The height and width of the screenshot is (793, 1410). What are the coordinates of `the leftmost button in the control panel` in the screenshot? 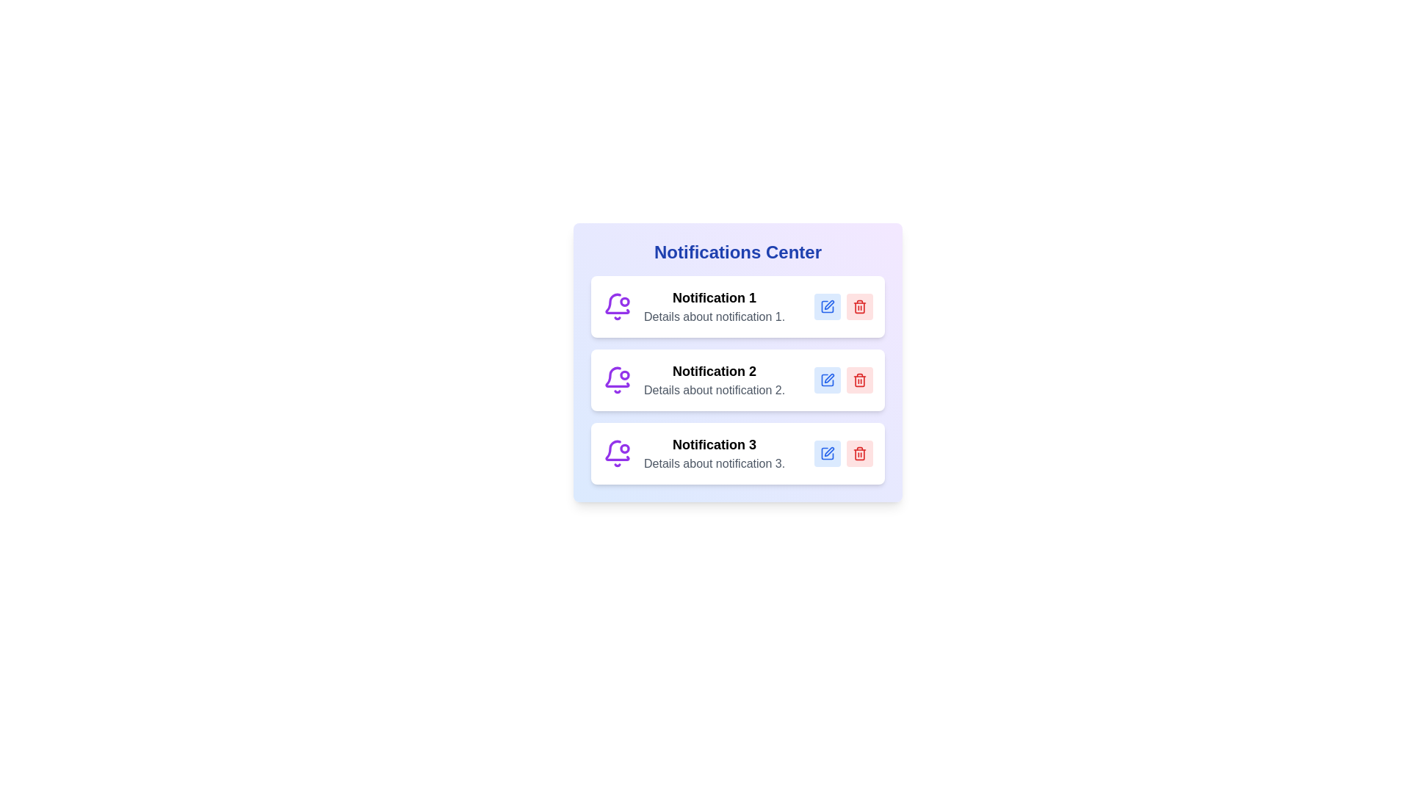 It's located at (828, 452).